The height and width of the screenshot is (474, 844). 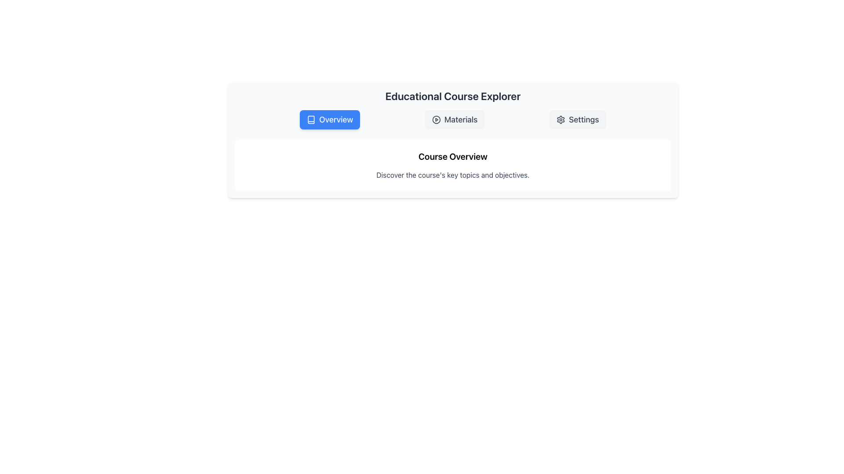 I want to click on text label 'Overview' which is displayed in white on a blue background, positioned in the top-left section of the interface, adjacent to an icon, so click(x=335, y=120).